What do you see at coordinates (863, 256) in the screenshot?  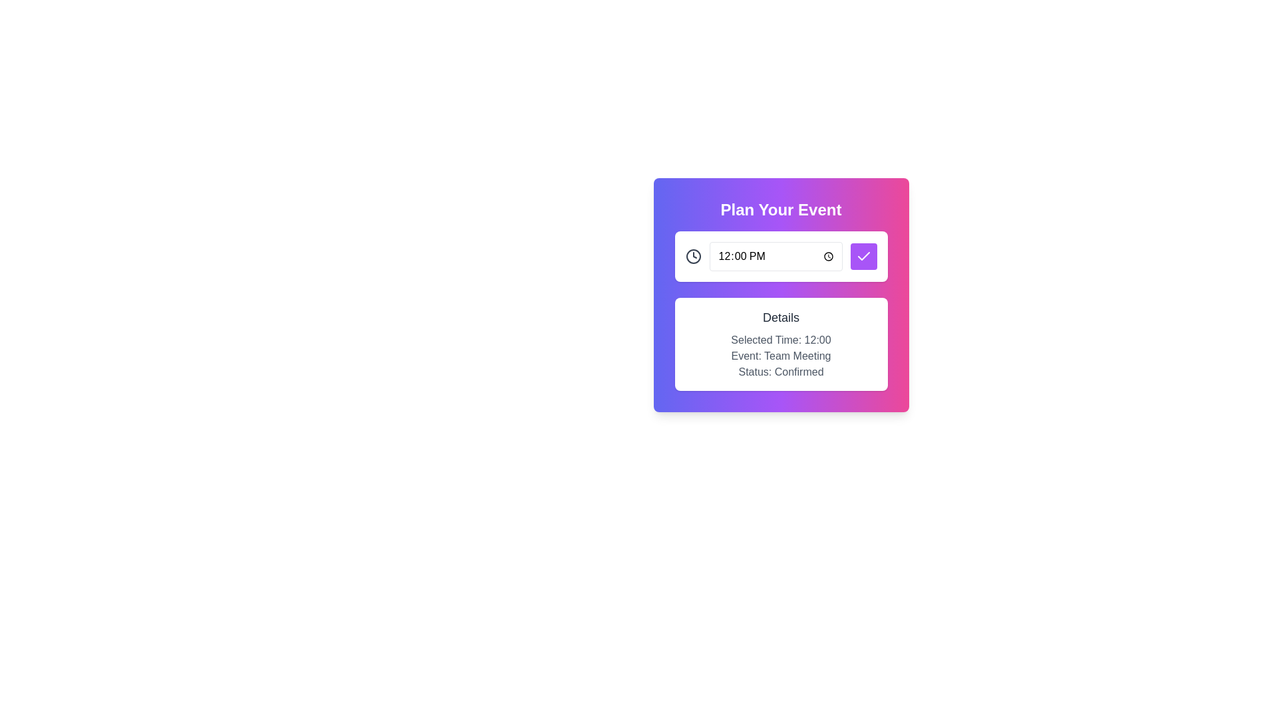 I see `the check mark icon with a purple background located in the top section of the card, aligned` at bounding box center [863, 256].